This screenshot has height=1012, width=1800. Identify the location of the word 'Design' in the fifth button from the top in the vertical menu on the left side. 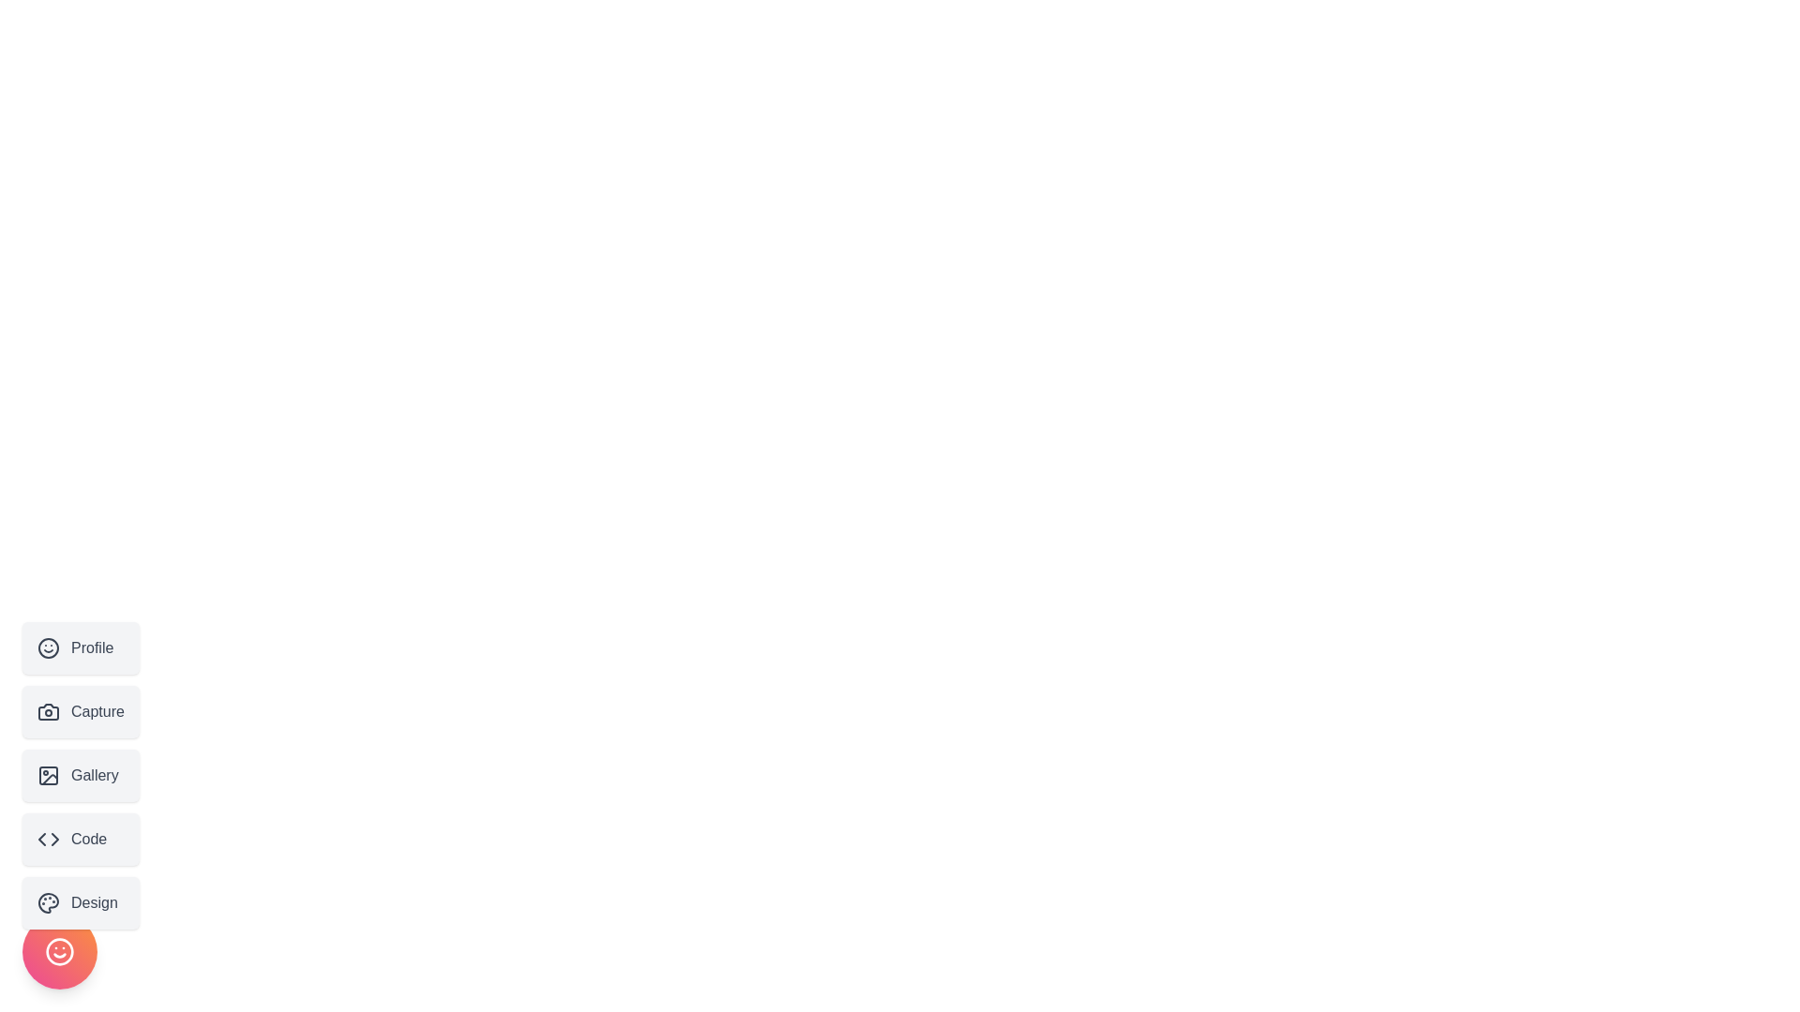
(93, 902).